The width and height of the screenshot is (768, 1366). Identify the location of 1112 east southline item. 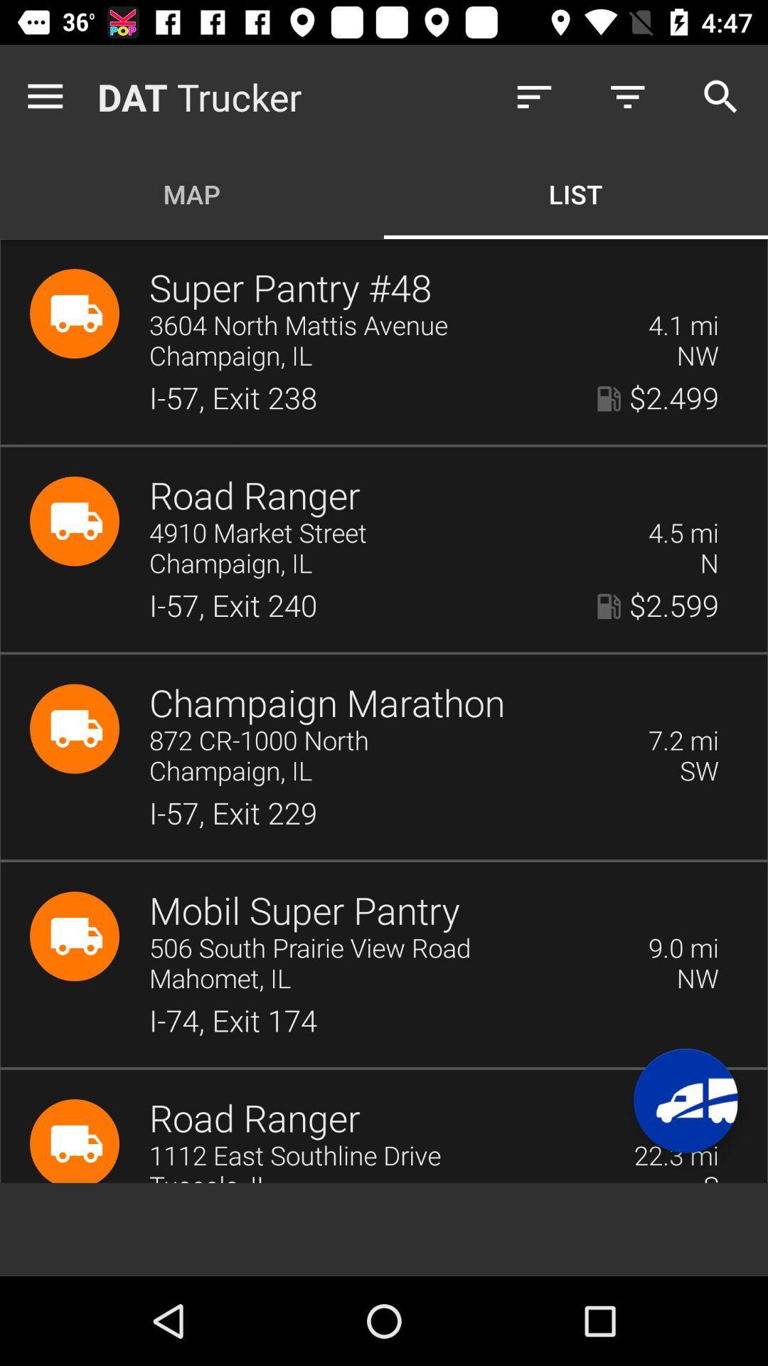
(381, 1156).